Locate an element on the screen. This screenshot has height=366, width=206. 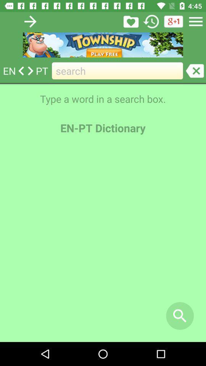
menu button is located at coordinates (196, 21).